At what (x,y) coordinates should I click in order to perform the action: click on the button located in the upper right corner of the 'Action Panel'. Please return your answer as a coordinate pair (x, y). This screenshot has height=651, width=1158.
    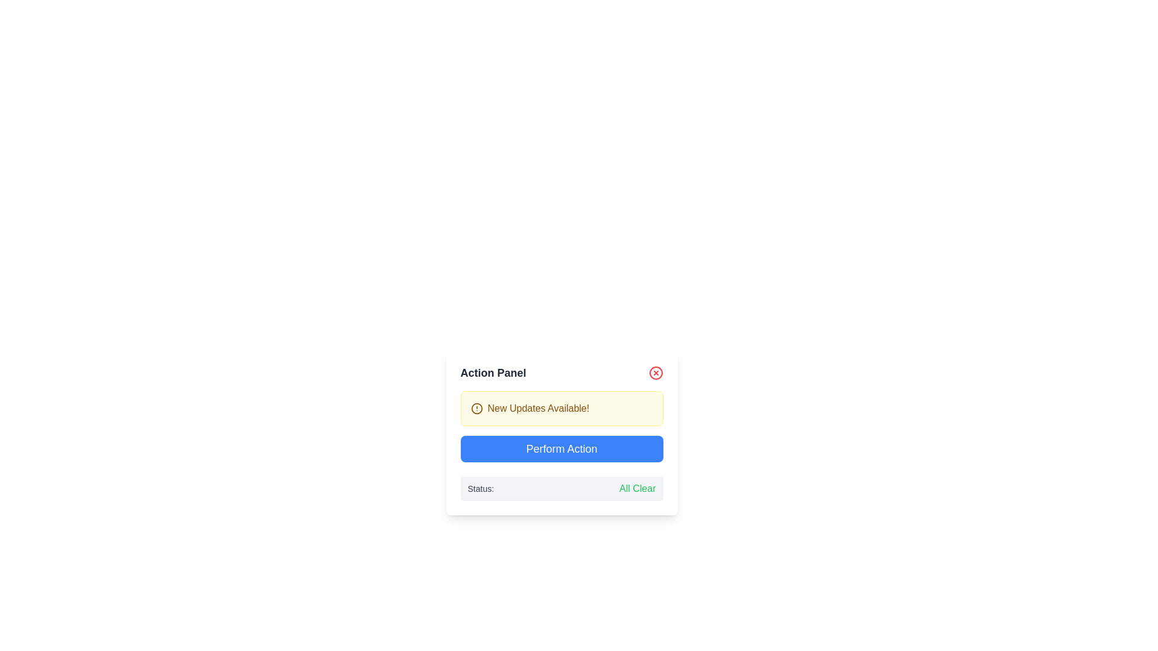
    Looking at the image, I should click on (655, 372).